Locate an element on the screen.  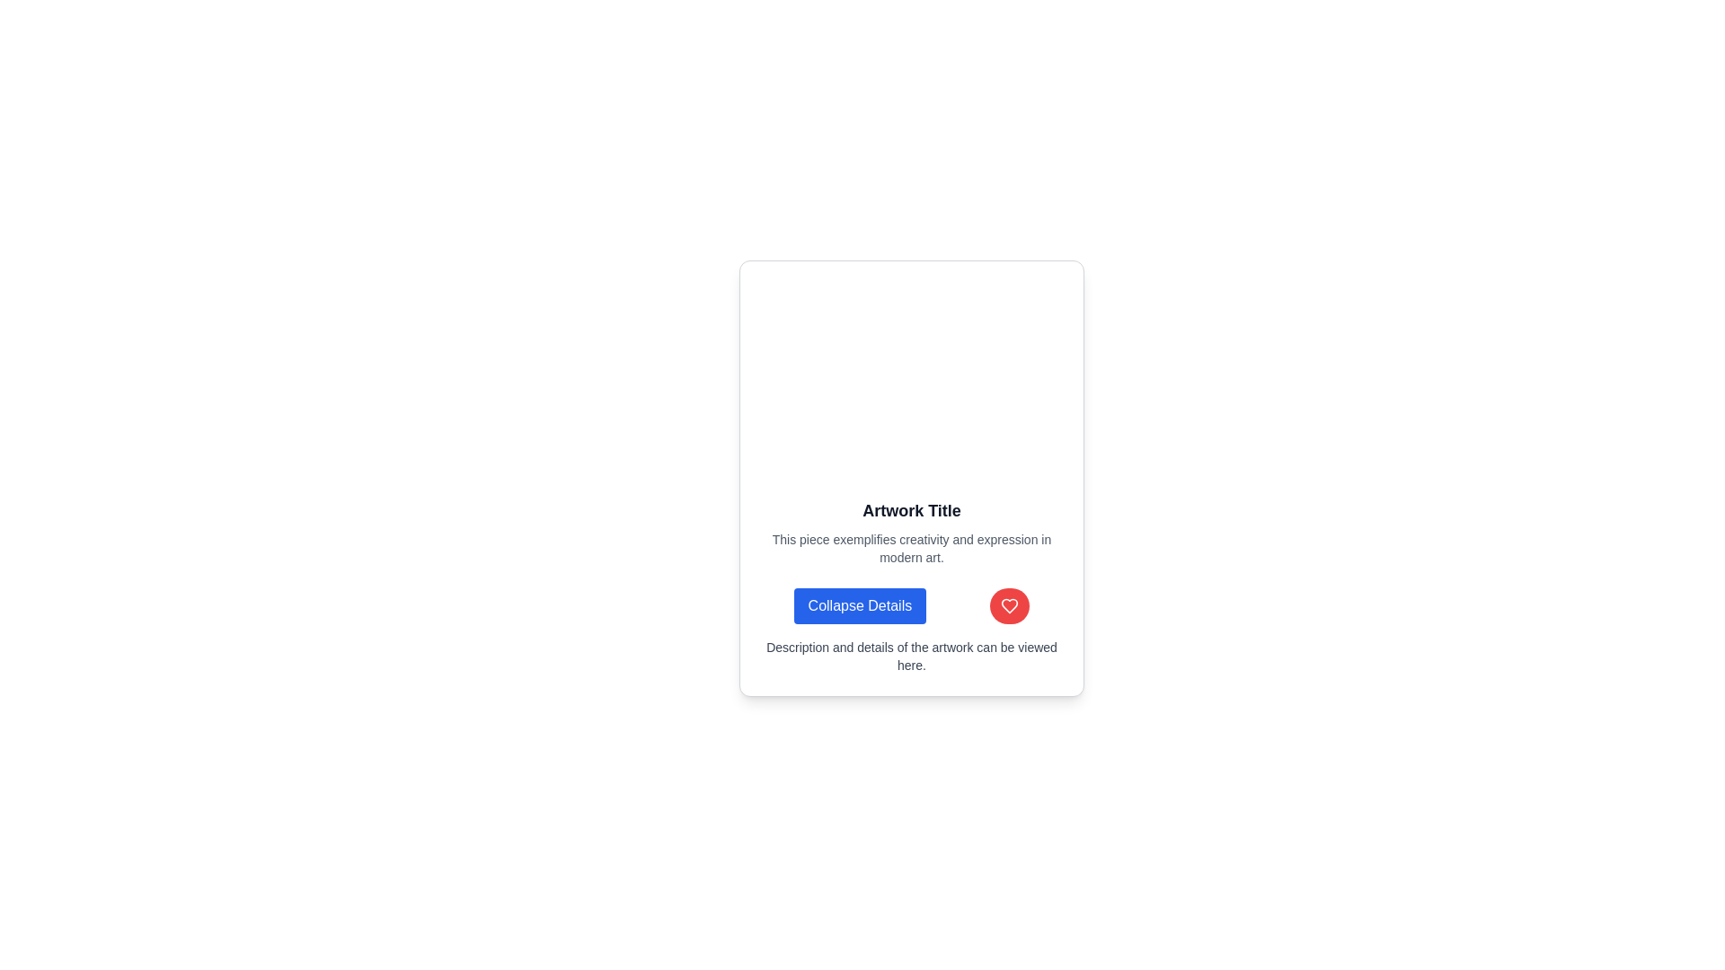
the descriptive text element that contains 'This piece exemplifies creativity and expression in modern art.' positioned below the 'Artwork Title.' is located at coordinates (911, 547).